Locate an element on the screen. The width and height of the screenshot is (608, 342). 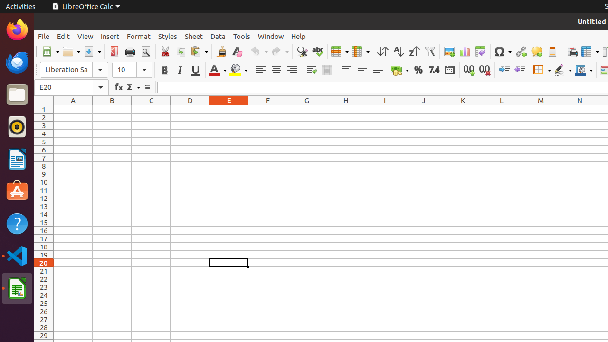
'Styles' is located at coordinates (168, 36).